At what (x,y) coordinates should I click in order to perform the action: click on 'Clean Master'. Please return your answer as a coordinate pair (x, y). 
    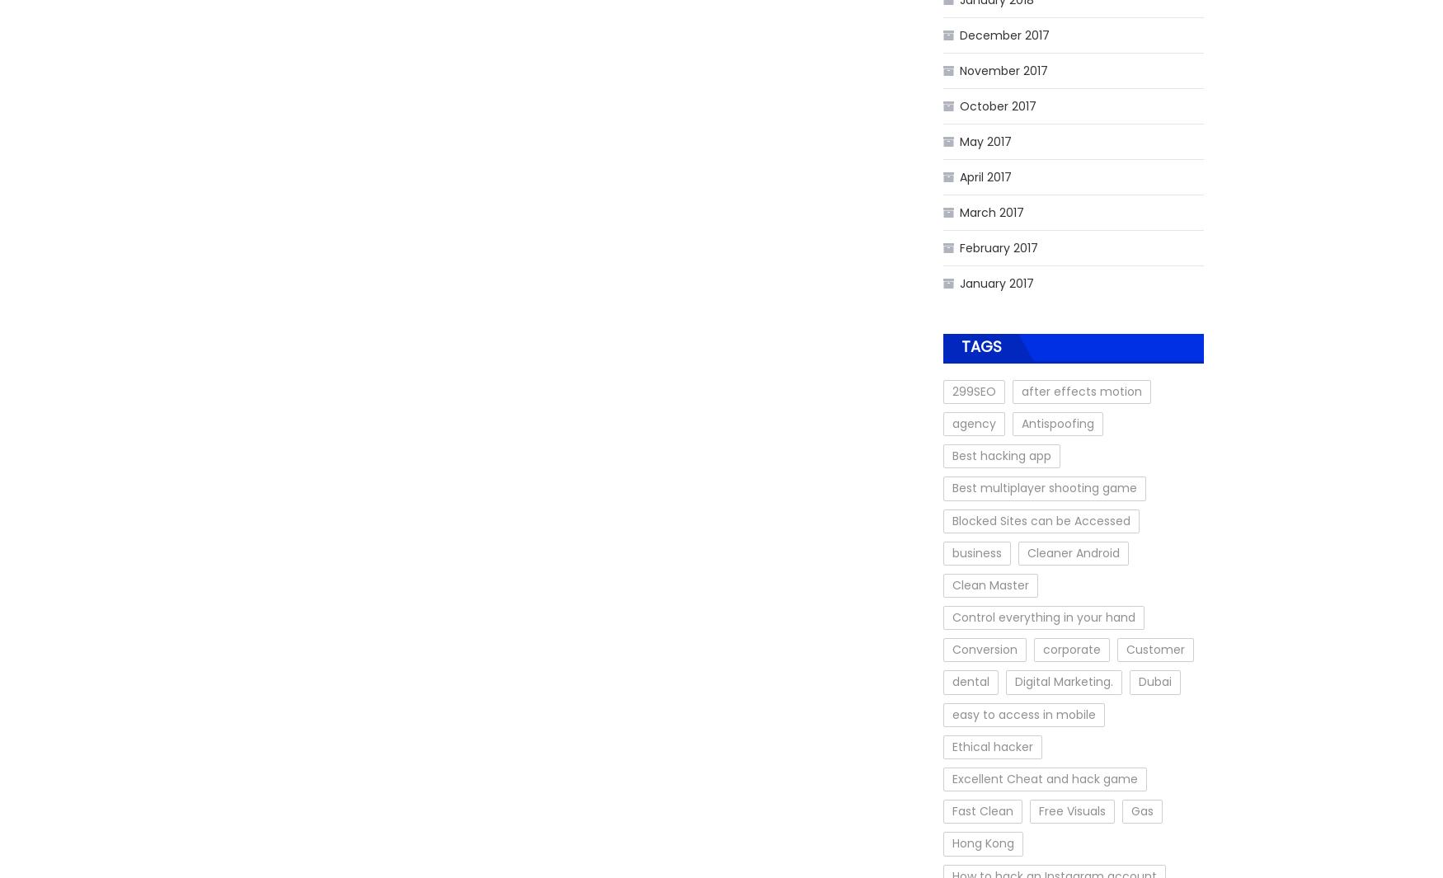
    Looking at the image, I should click on (952, 584).